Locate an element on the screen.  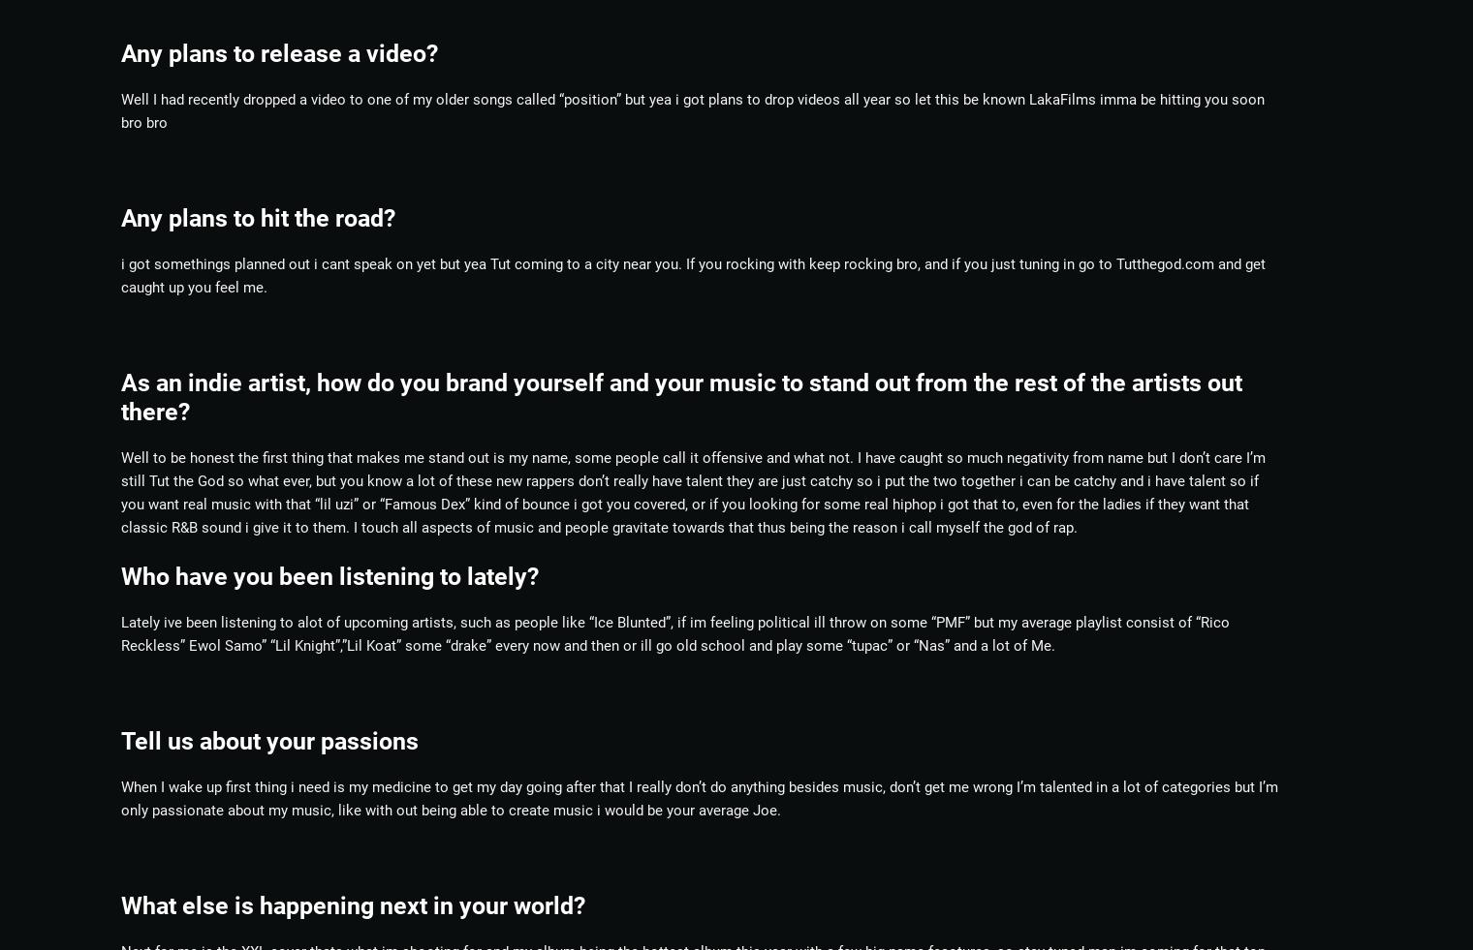
'Lately ive been listening to alot of upcoming artists, such as people like “Ice Blunted”, if im feeling political ill throw on some “PMF” but my average playlist consist of “Rico Reckless” Ewol Samo” “Lil Knight”,”Lil Koat” some “drake” every now and then or ill go old school and play some “tupac” or “Nas” and a lot of Me.' is located at coordinates (675, 633).